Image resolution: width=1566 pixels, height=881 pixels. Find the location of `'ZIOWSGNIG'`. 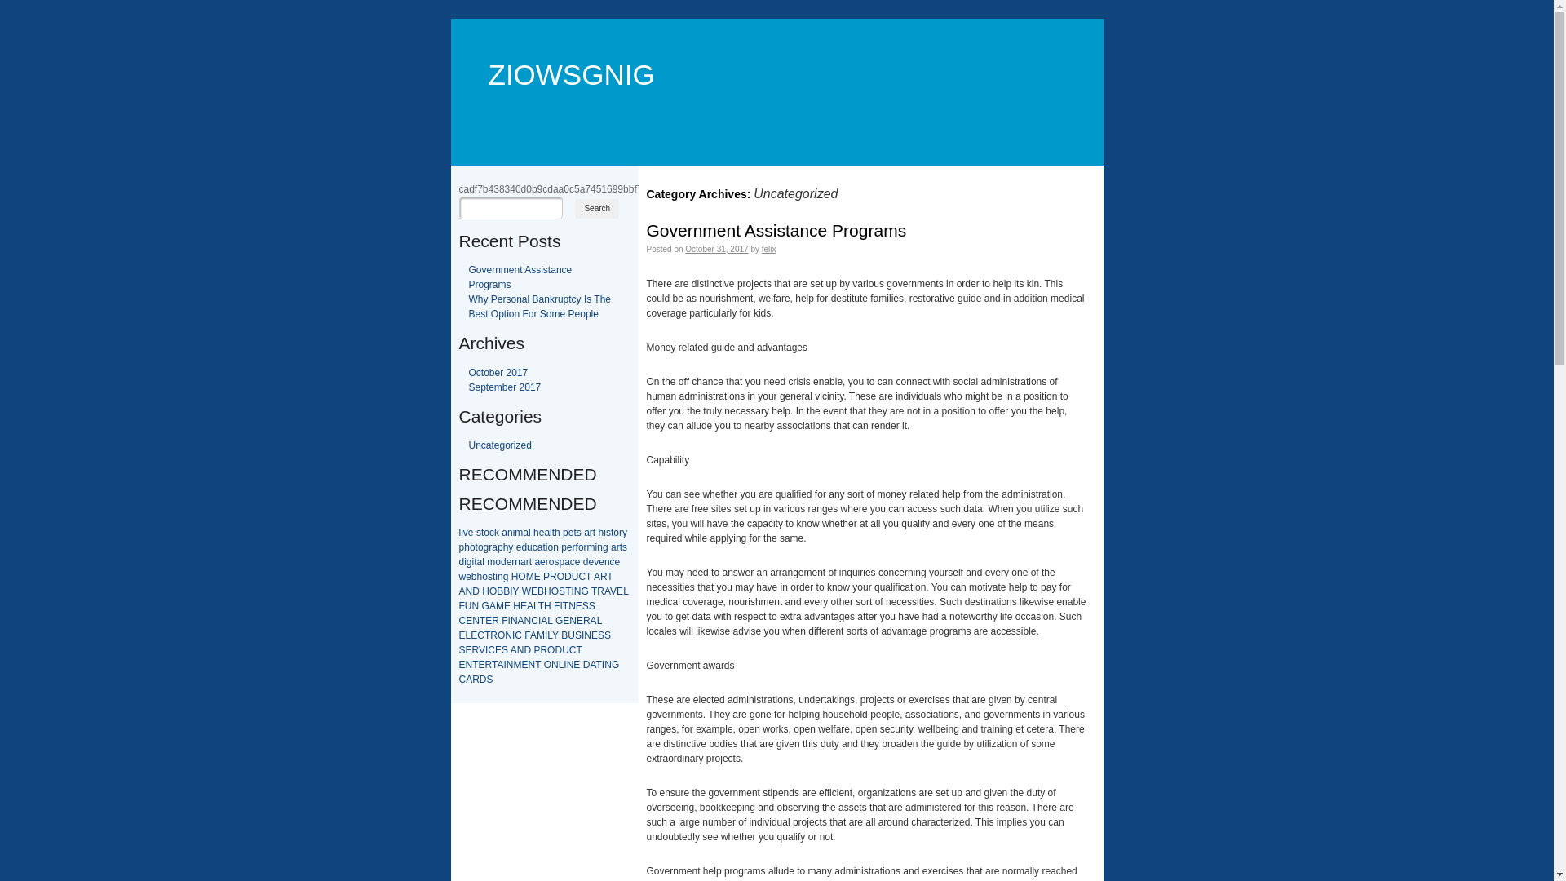

'ZIOWSGNIG' is located at coordinates (562, 49).